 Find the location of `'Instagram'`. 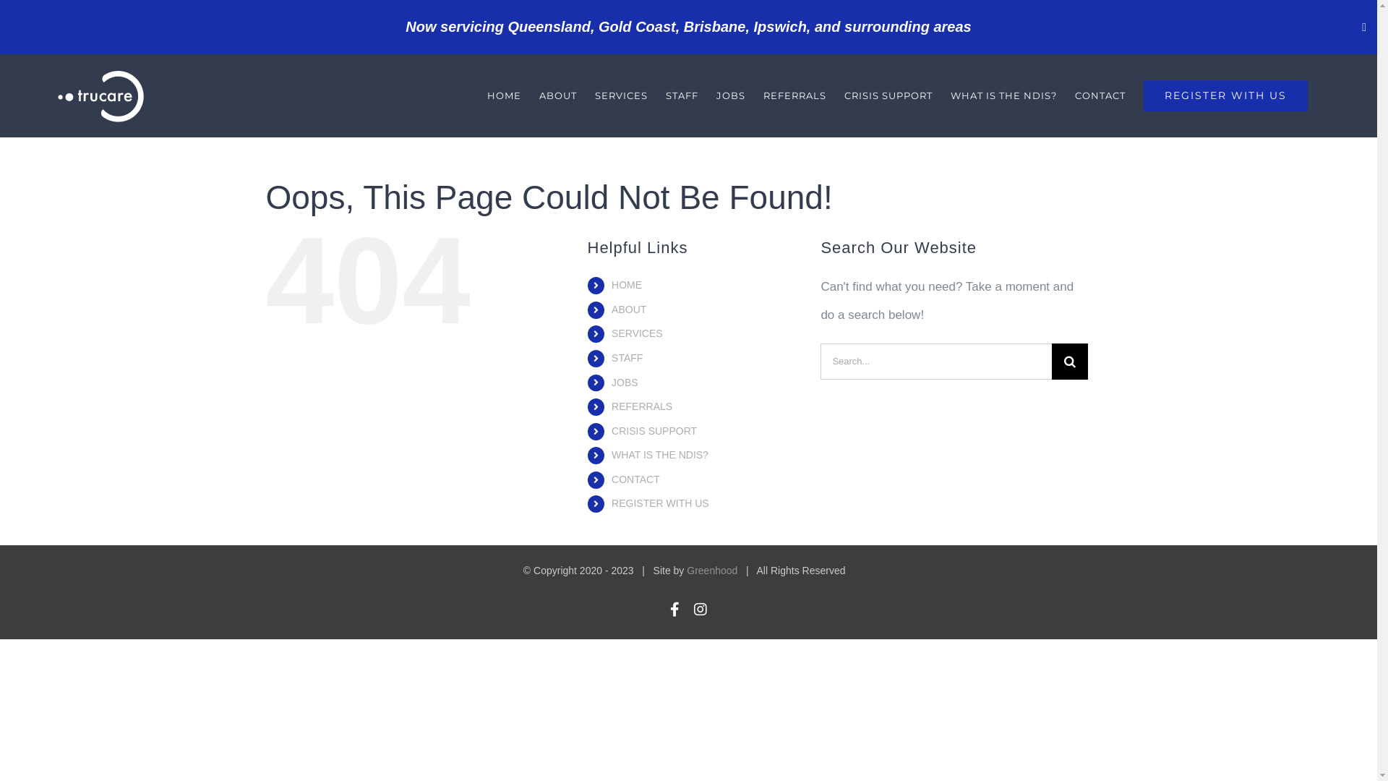

'Instagram' is located at coordinates (701, 610).